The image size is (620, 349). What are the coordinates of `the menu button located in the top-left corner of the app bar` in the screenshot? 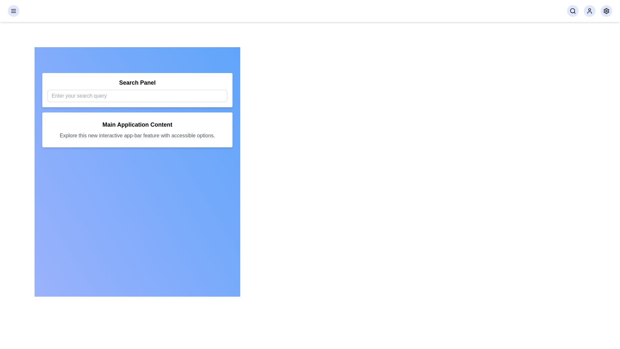 It's located at (14, 11).